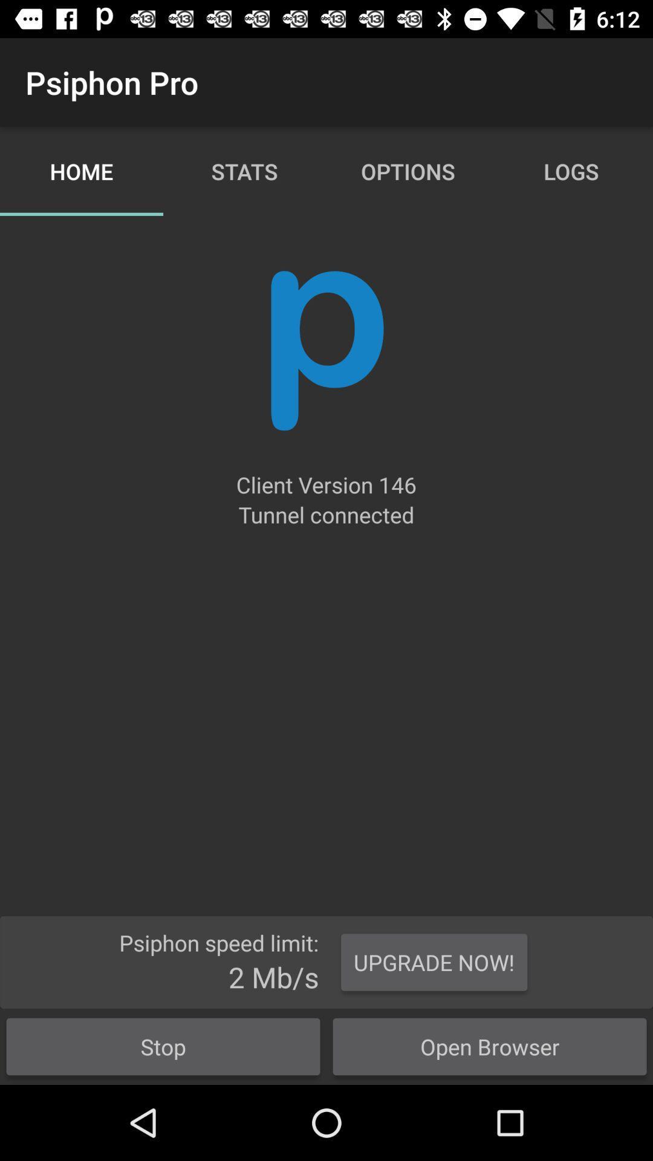 This screenshot has width=653, height=1161. Describe the element at coordinates (326, 350) in the screenshot. I see `app below the home icon` at that location.